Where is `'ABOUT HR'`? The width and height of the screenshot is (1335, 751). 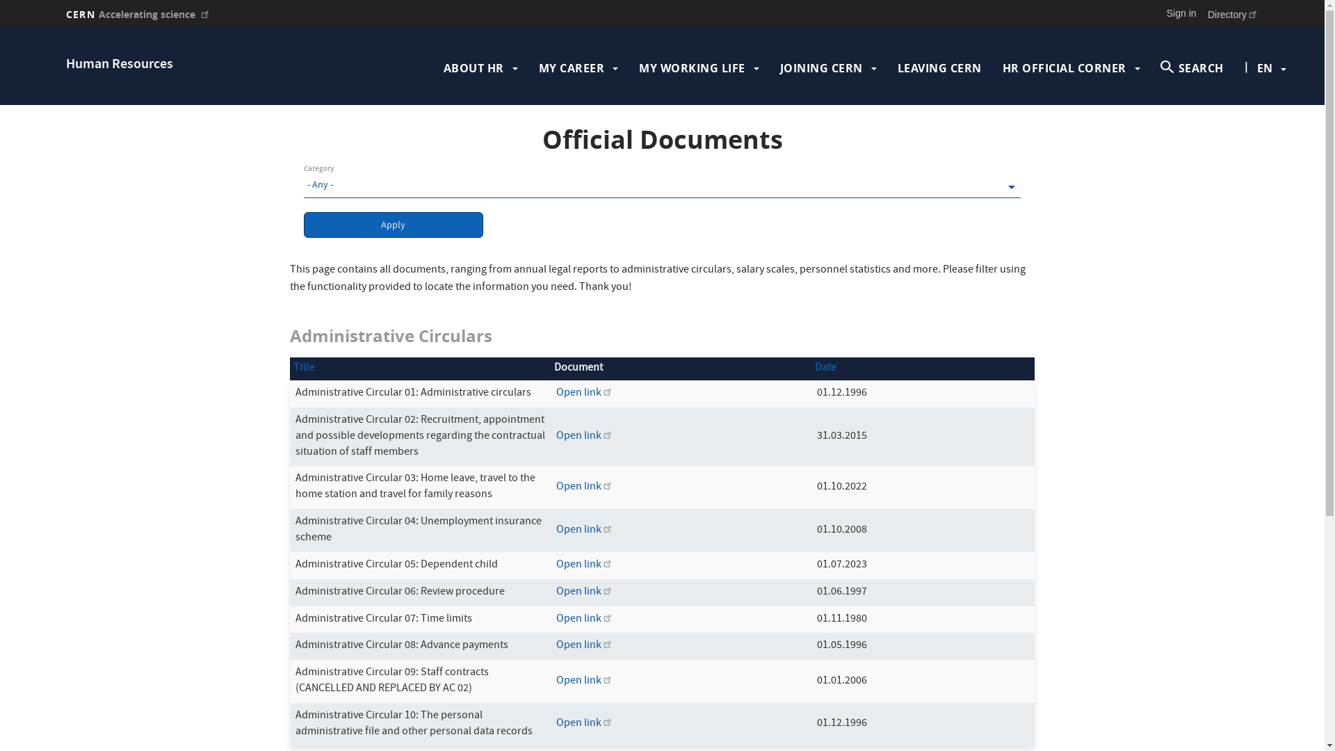
'ABOUT HR' is located at coordinates (474, 67).